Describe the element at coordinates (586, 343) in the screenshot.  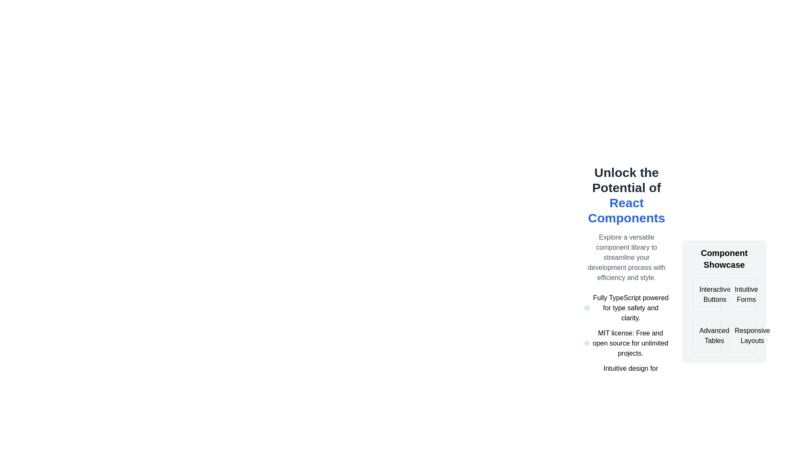
I see `the first circular icon with a green stroke styled as a checkmark, which indicates a successful action, located near the text 'MIT license: Free and open source for unlimited projects.'` at that location.